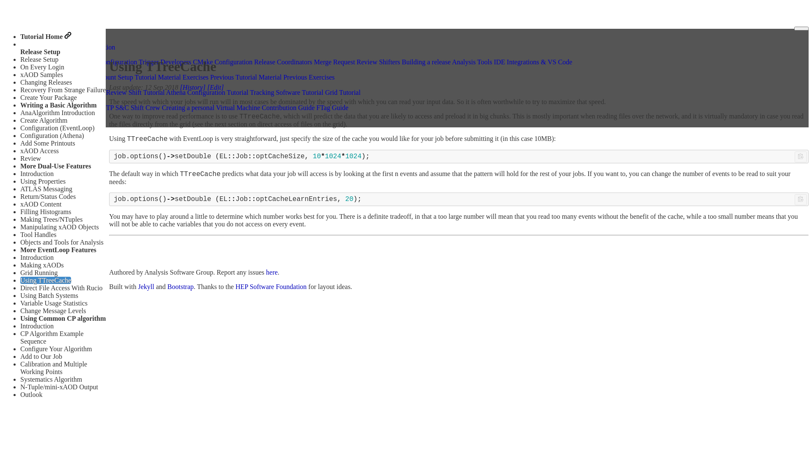  What do you see at coordinates (34, 54) in the screenshot?
I see `'Guides'` at bounding box center [34, 54].